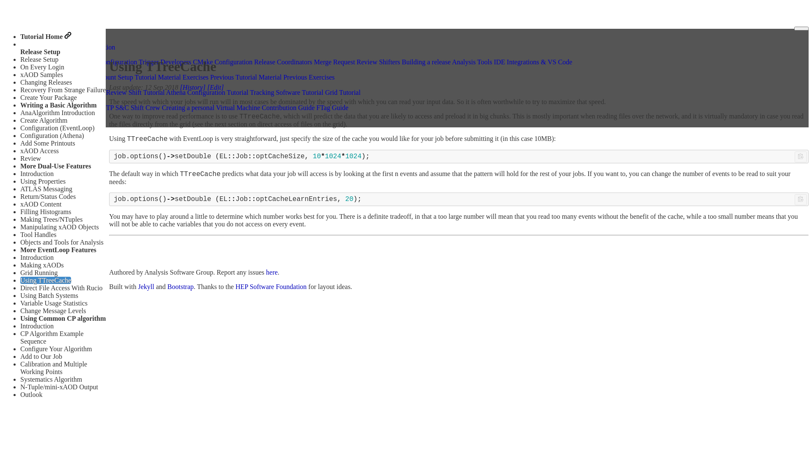  What do you see at coordinates (34, 54) in the screenshot?
I see `'Guides'` at bounding box center [34, 54].